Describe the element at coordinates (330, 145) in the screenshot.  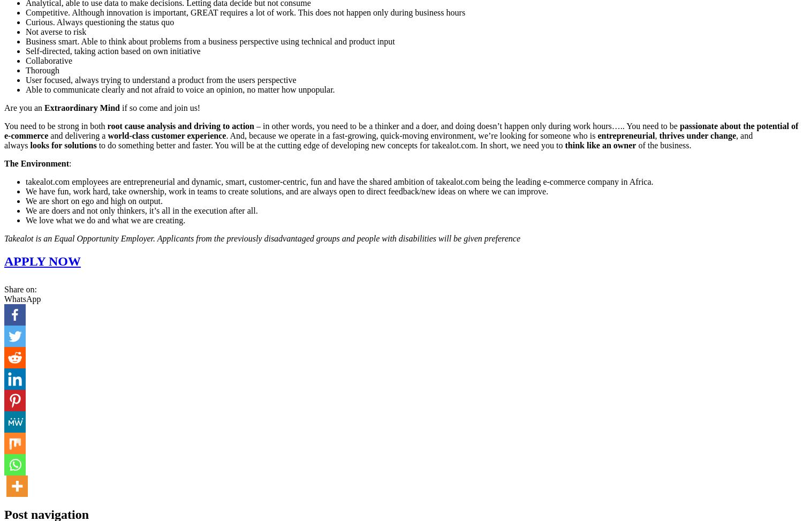
I see `'to do something better and faster. You will be at the cutting edge of developing new concepts for takealot.com. In short, we need you to'` at that location.